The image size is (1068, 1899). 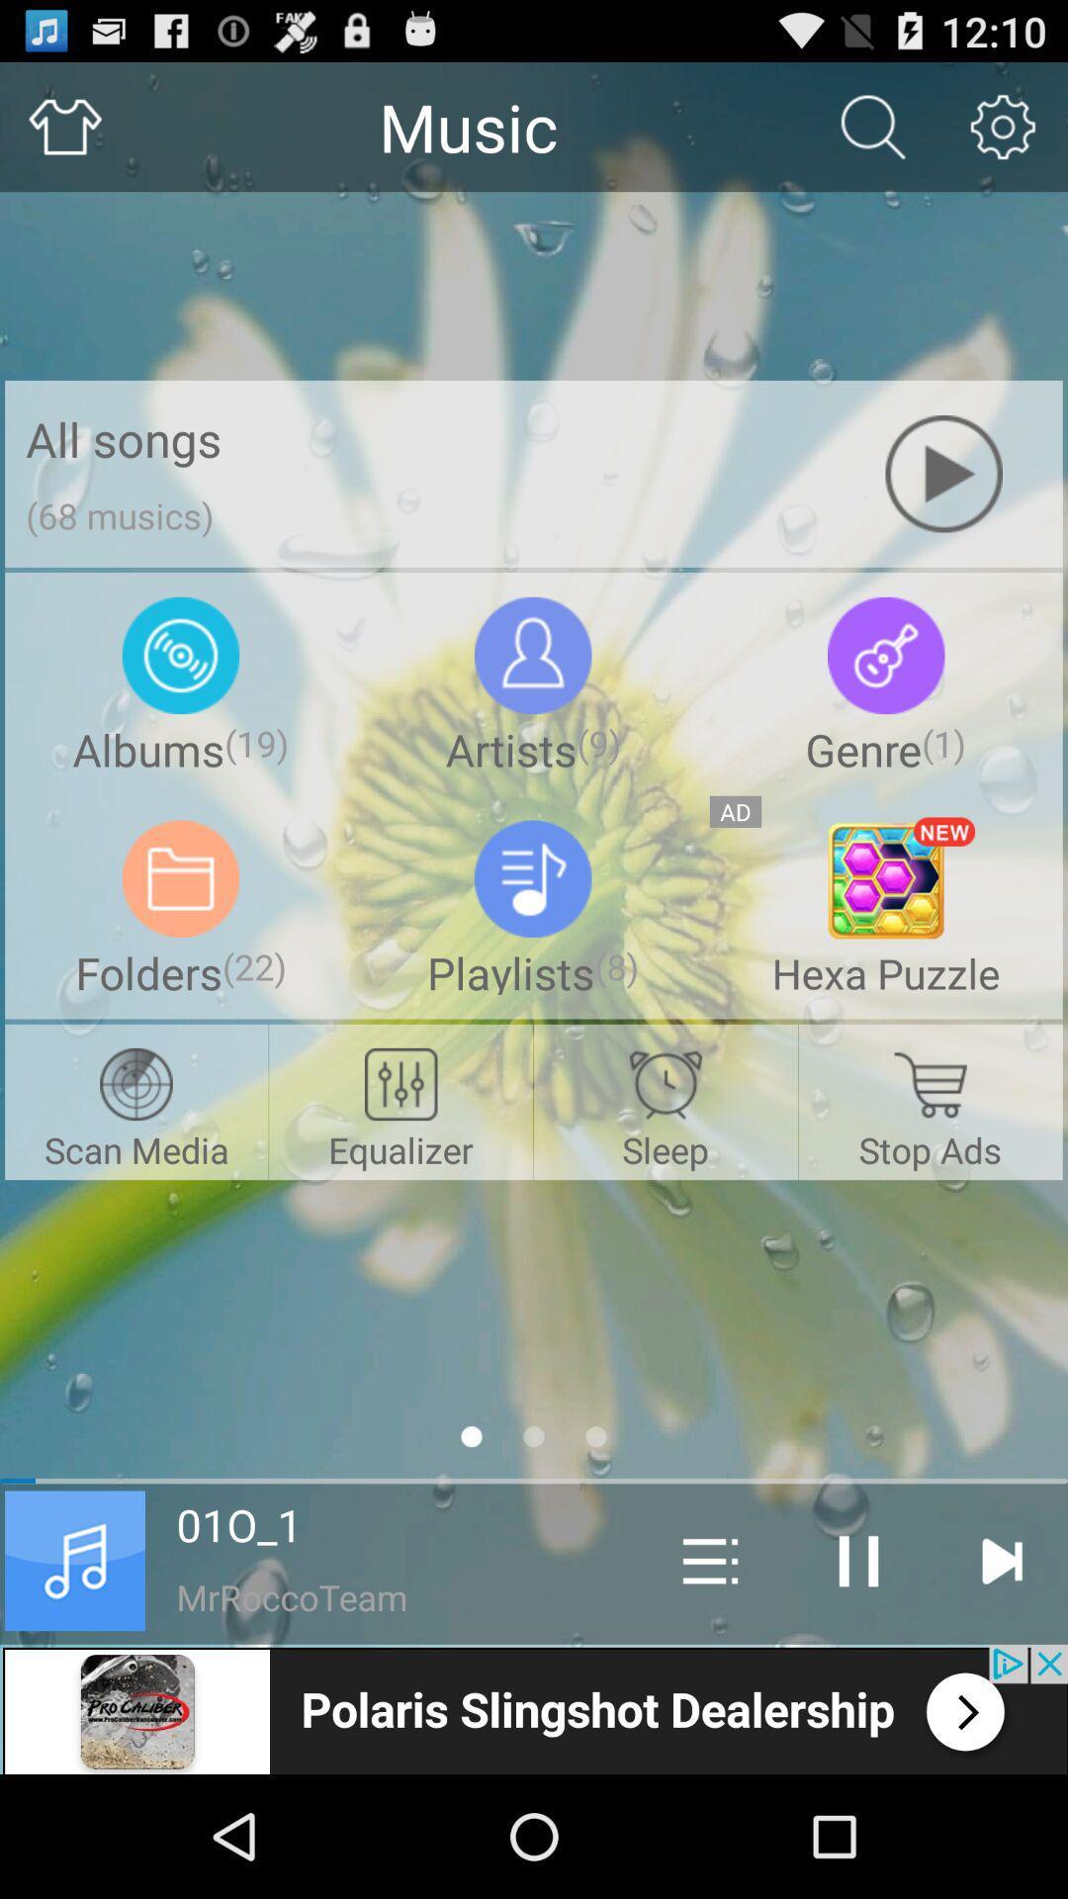 What do you see at coordinates (1001, 1670) in the screenshot?
I see `the skip_next icon` at bounding box center [1001, 1670].